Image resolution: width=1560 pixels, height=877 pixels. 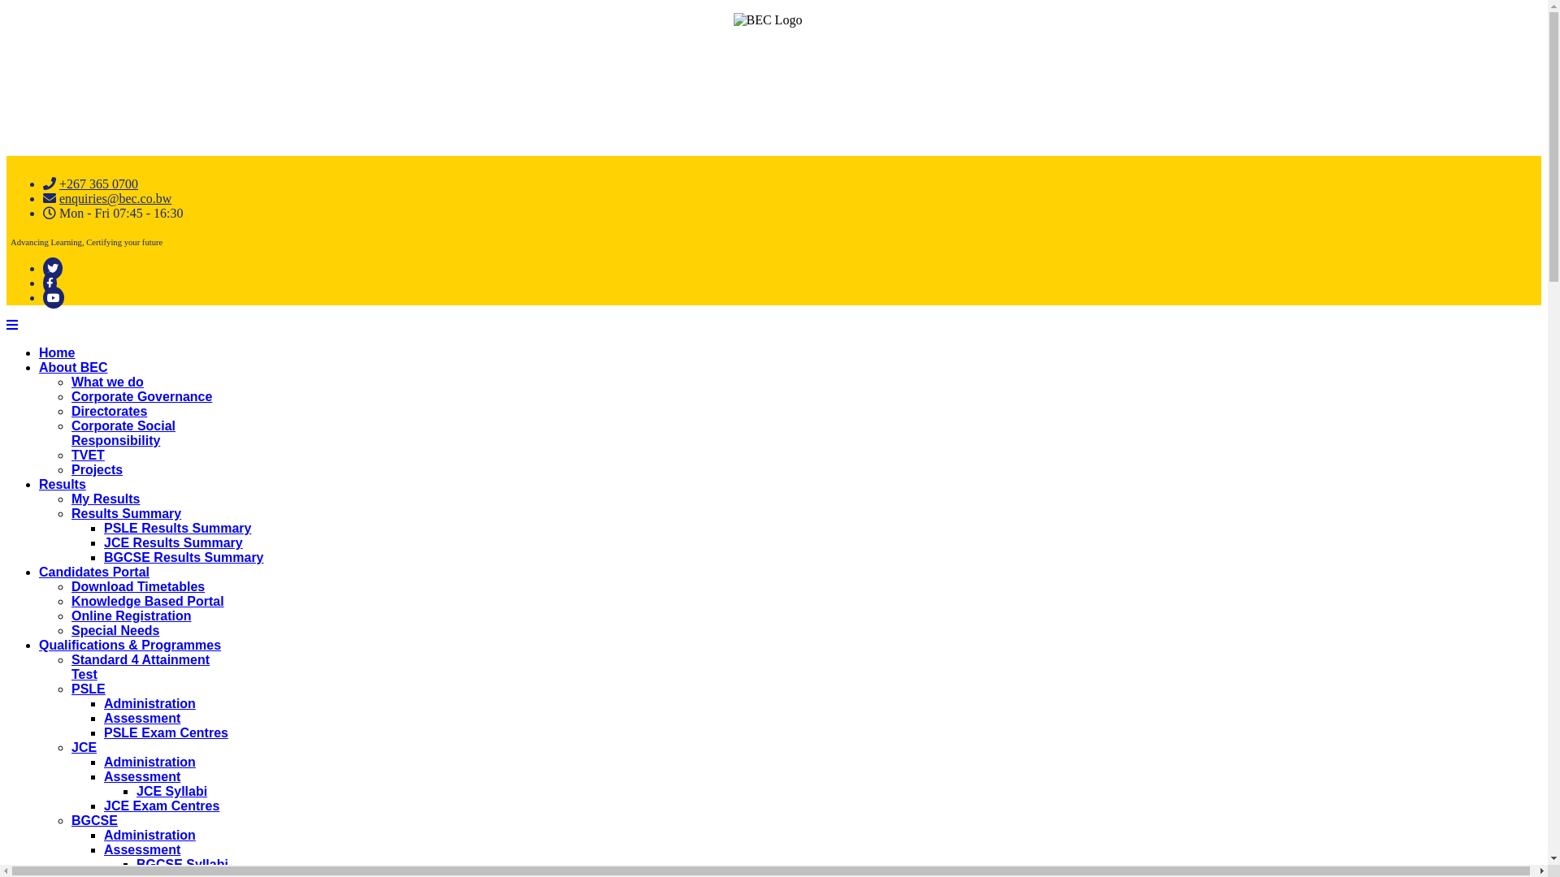 What do you see at coordinates (173, 542) in the screenshot?
I see `'JCE Results Summary'` at bounding box center [173, 542].